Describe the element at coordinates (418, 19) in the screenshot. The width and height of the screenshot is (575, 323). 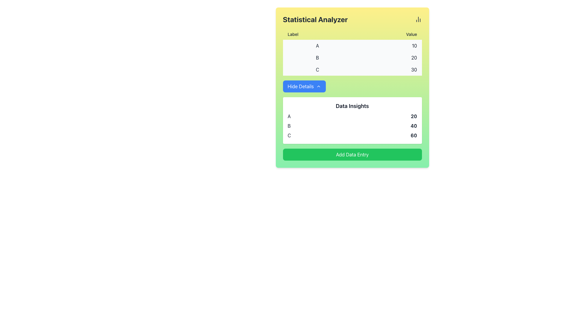
I see `the SVG-based icon representing the chart functionality in the 'Statistical Analyzer' section` at that location.